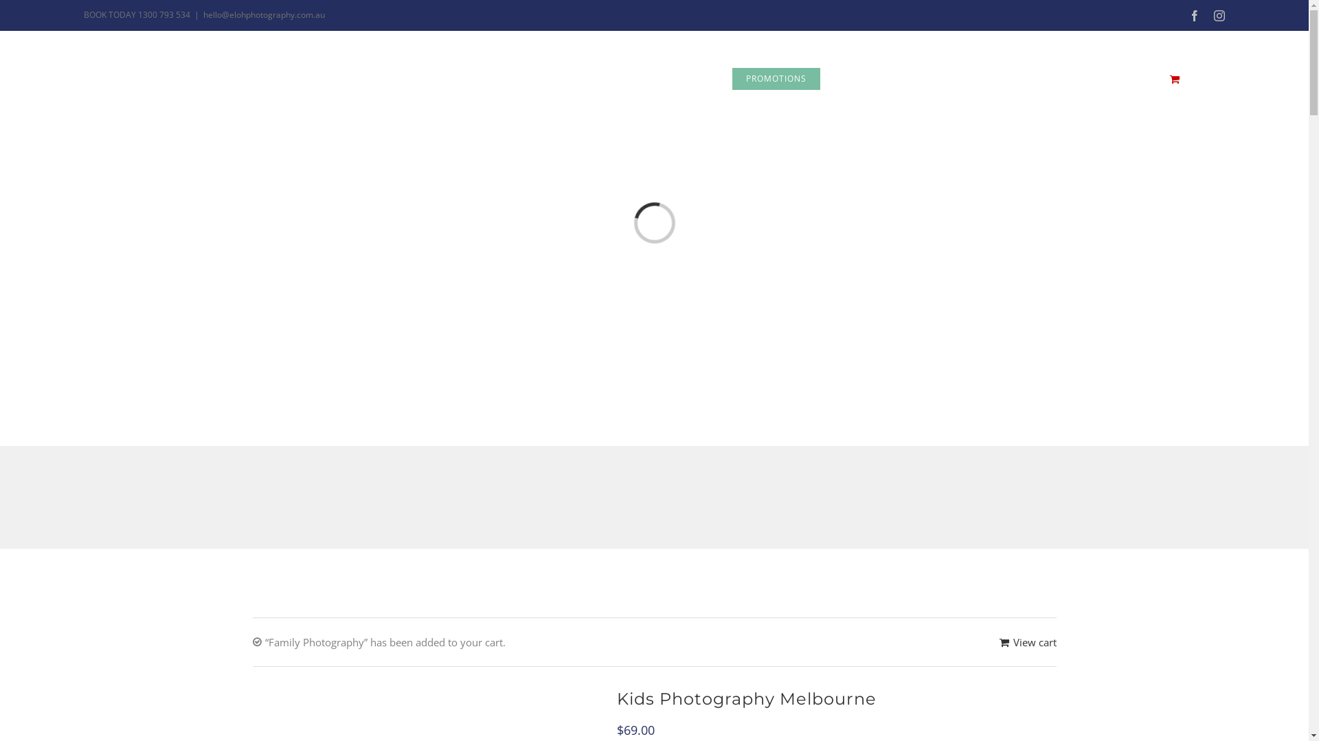 Image resolution: width=1319 pixels, height=741 pixels. Describe the element at coordinates (1027, 642) in the screenshot. I see `'View cart'` at that location.